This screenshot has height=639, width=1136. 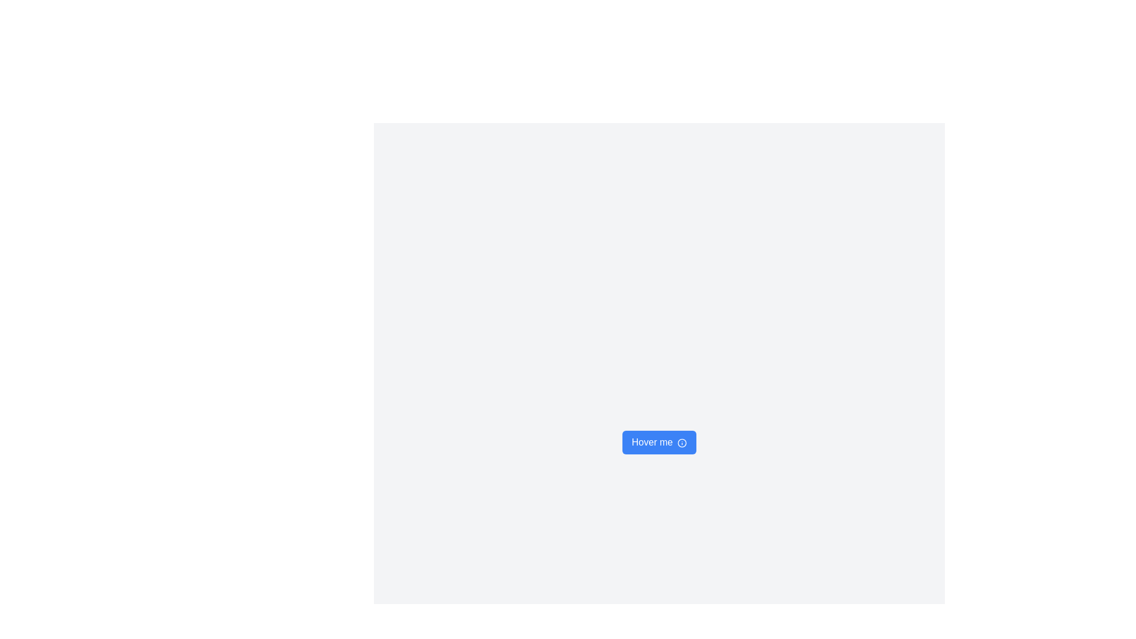 I want to click on the information icon located to the right of the 'Hover me' text in the blue button, so click(x=682, y=443).